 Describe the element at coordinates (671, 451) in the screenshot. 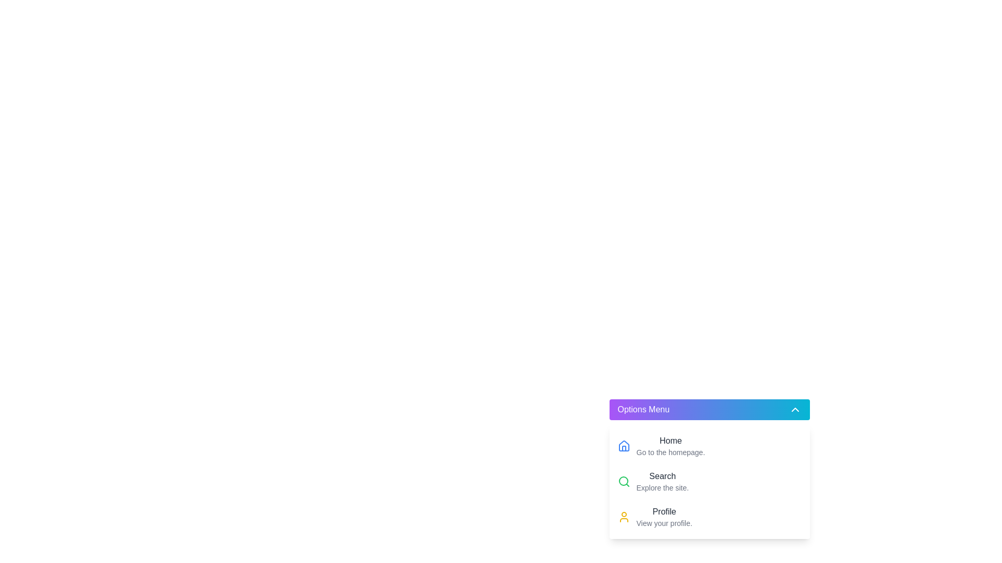

I see `the Text label that provides supplementary information for the 'Home' option located beneath the 'Home' text in the Options Menu` at that location.